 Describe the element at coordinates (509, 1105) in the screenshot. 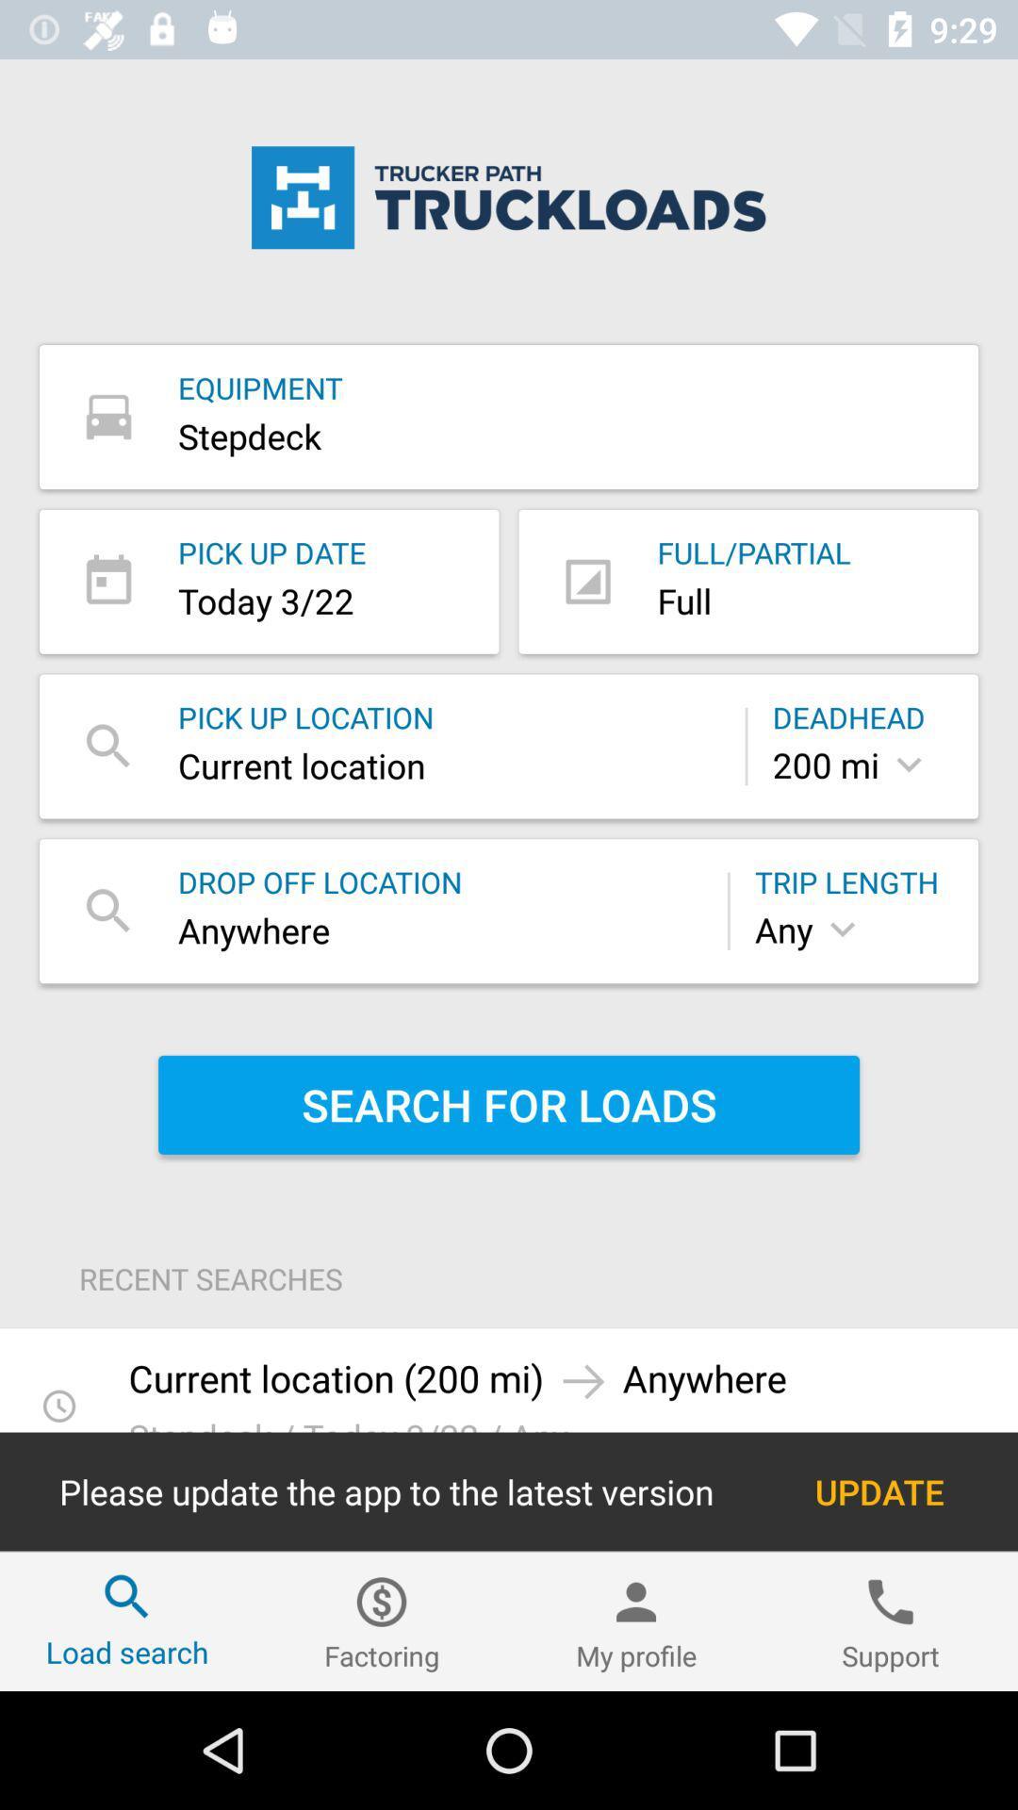

I see `the item below the any` at that location.